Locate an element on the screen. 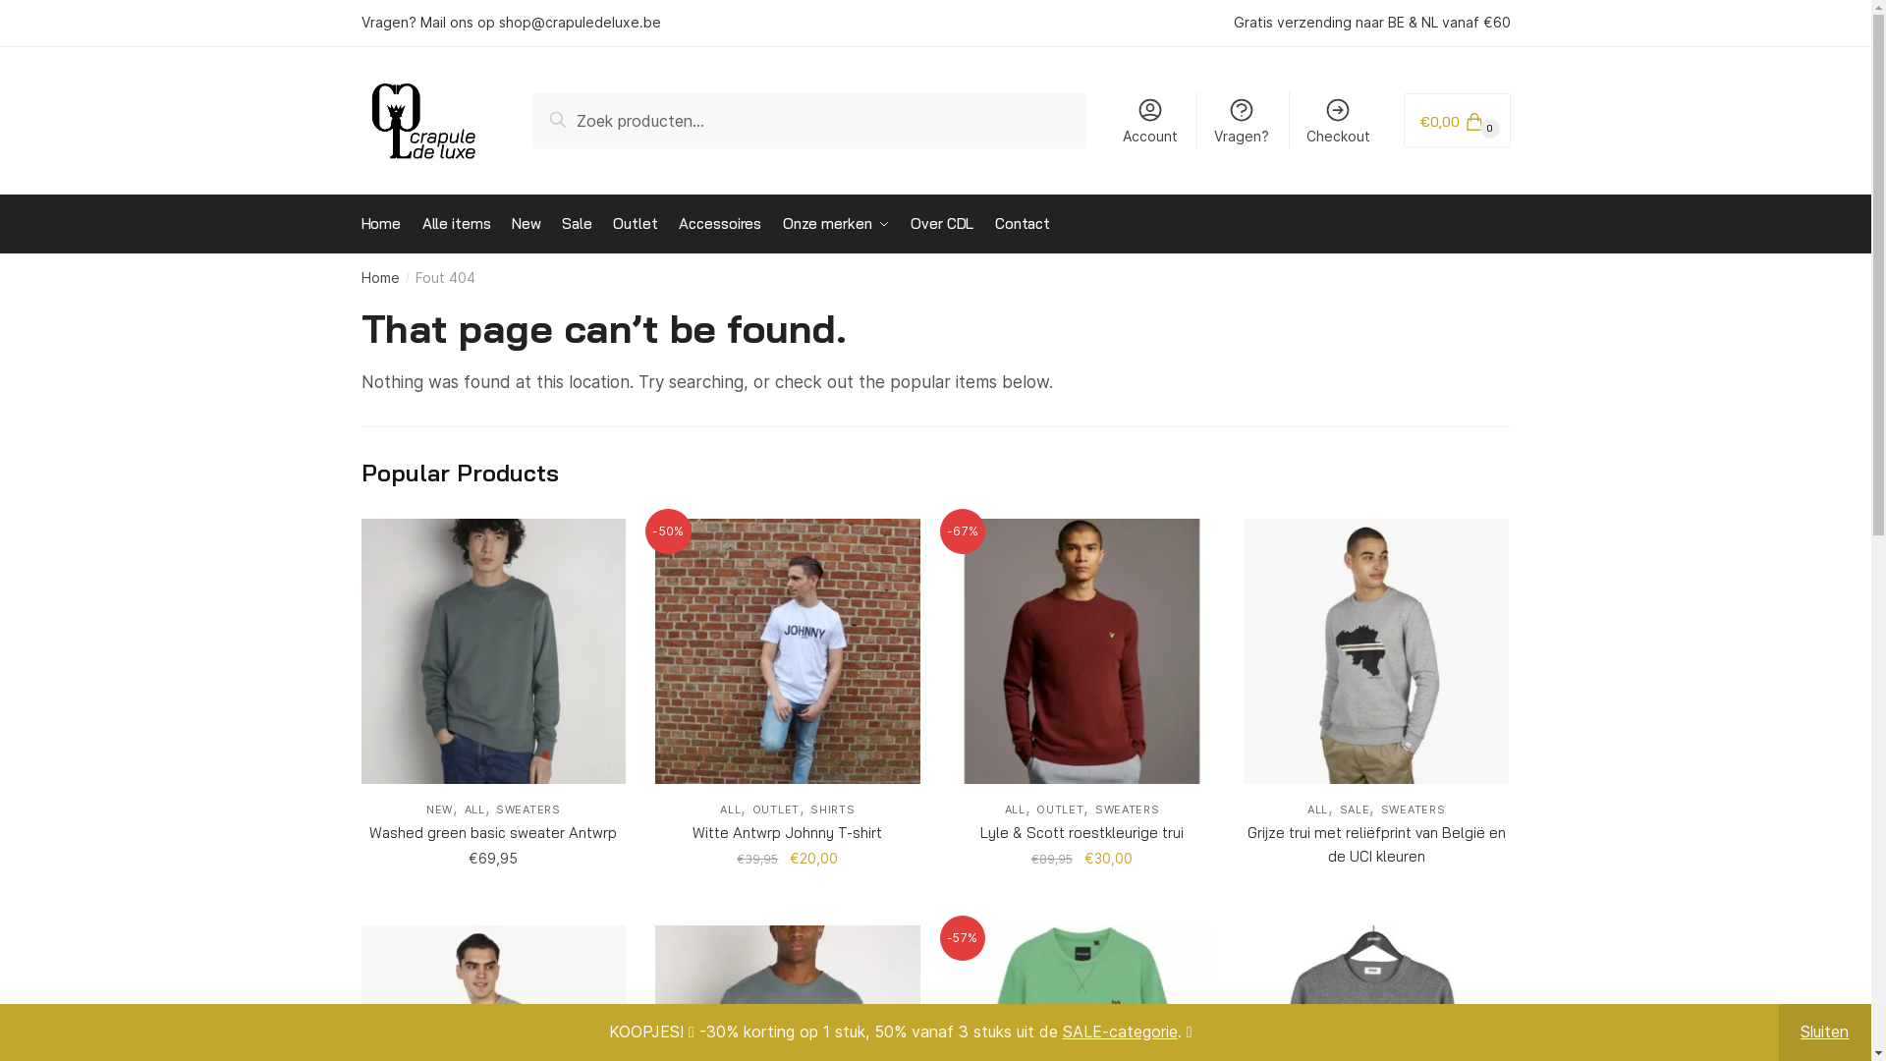  'OUTLET' is located at coordinates (775, 810).